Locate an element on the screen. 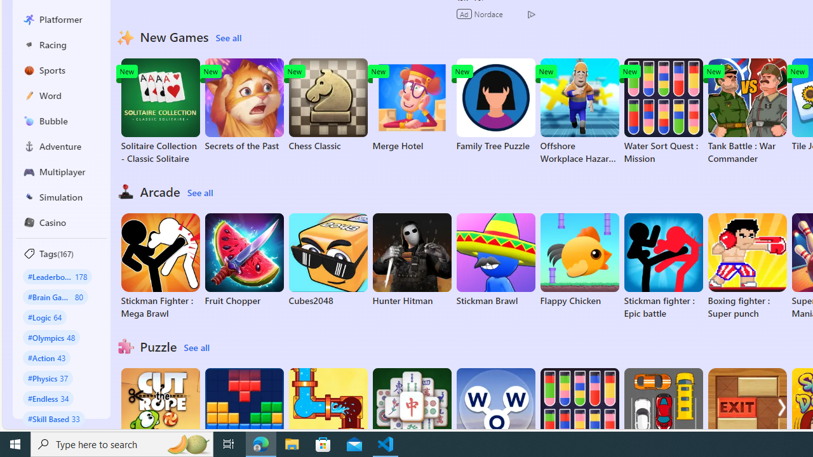  'Family Tree Puzzle' is located at coordinates (495, 104).